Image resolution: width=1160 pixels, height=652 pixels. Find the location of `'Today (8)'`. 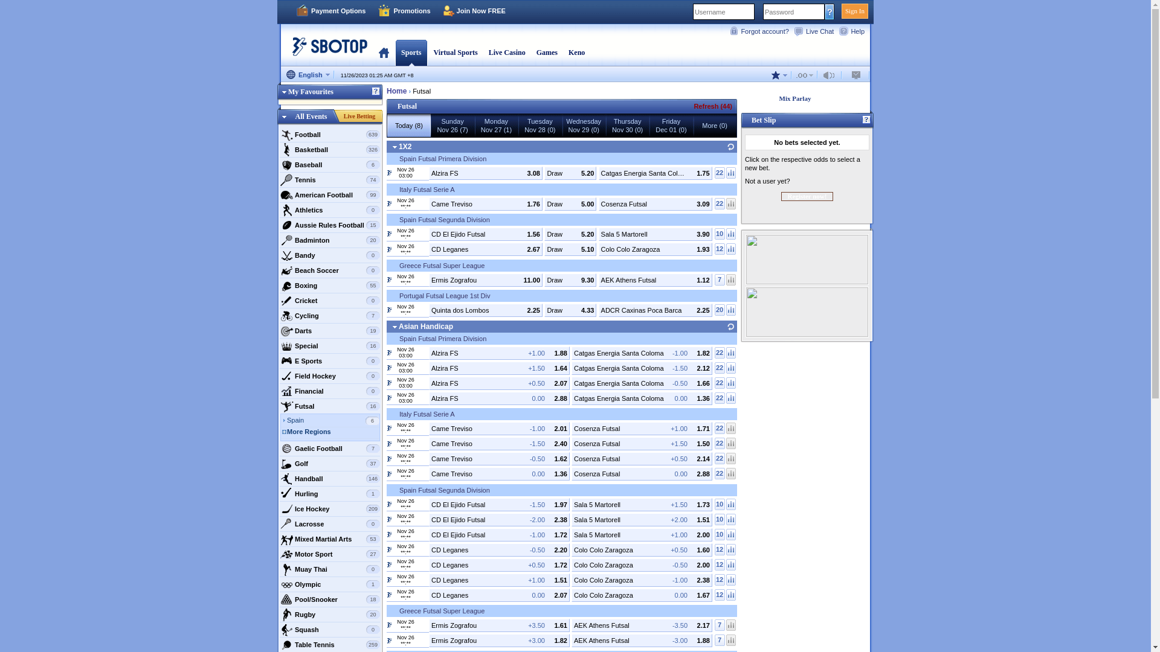

'Today (8)' is located at coordinates (408, 126).